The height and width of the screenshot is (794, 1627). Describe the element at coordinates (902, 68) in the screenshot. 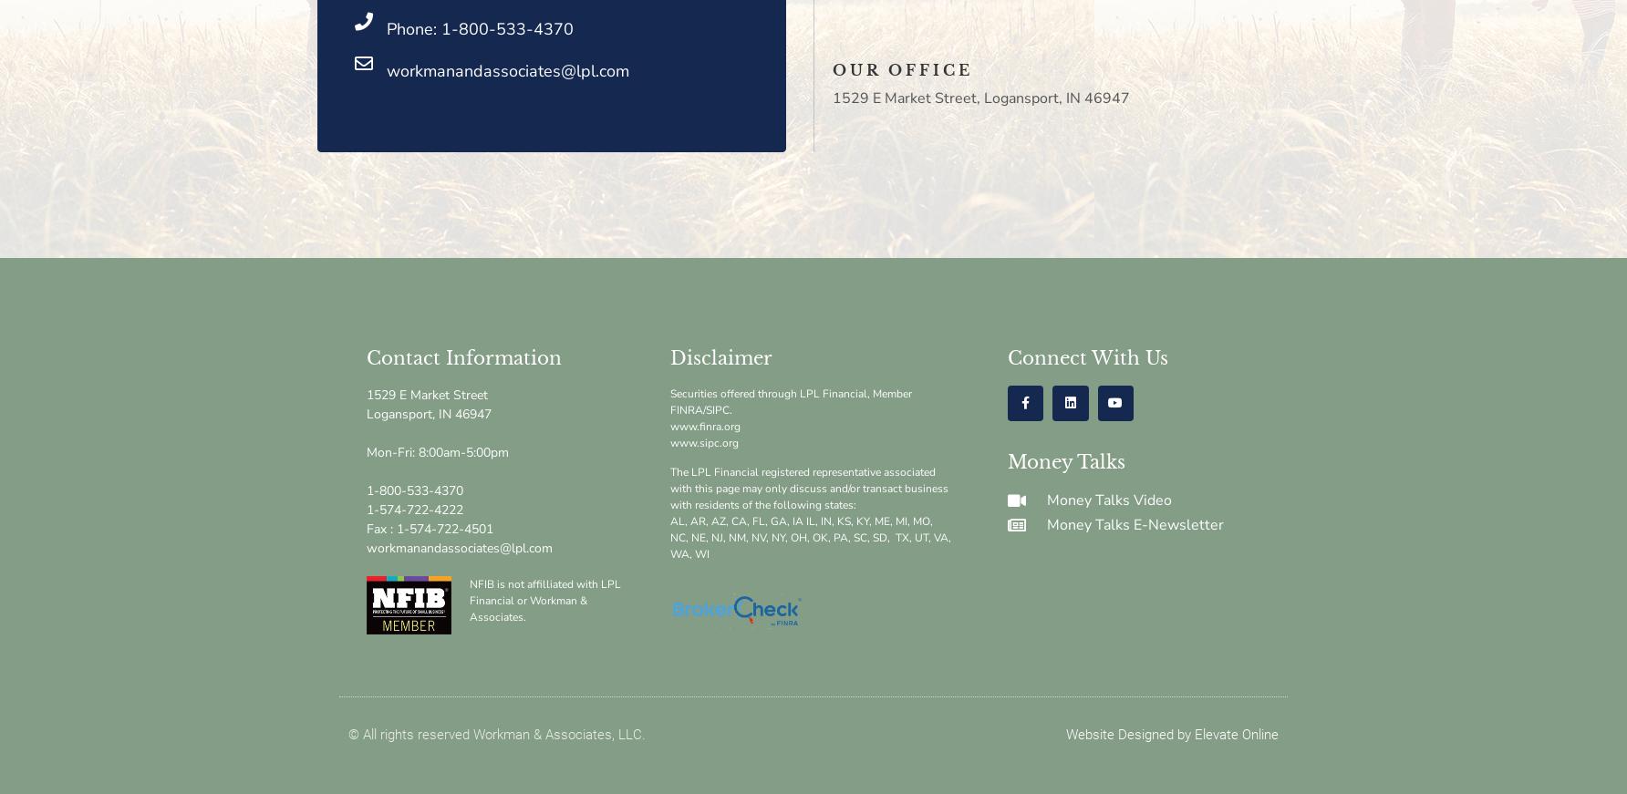

I see `'Our office'` at that location.